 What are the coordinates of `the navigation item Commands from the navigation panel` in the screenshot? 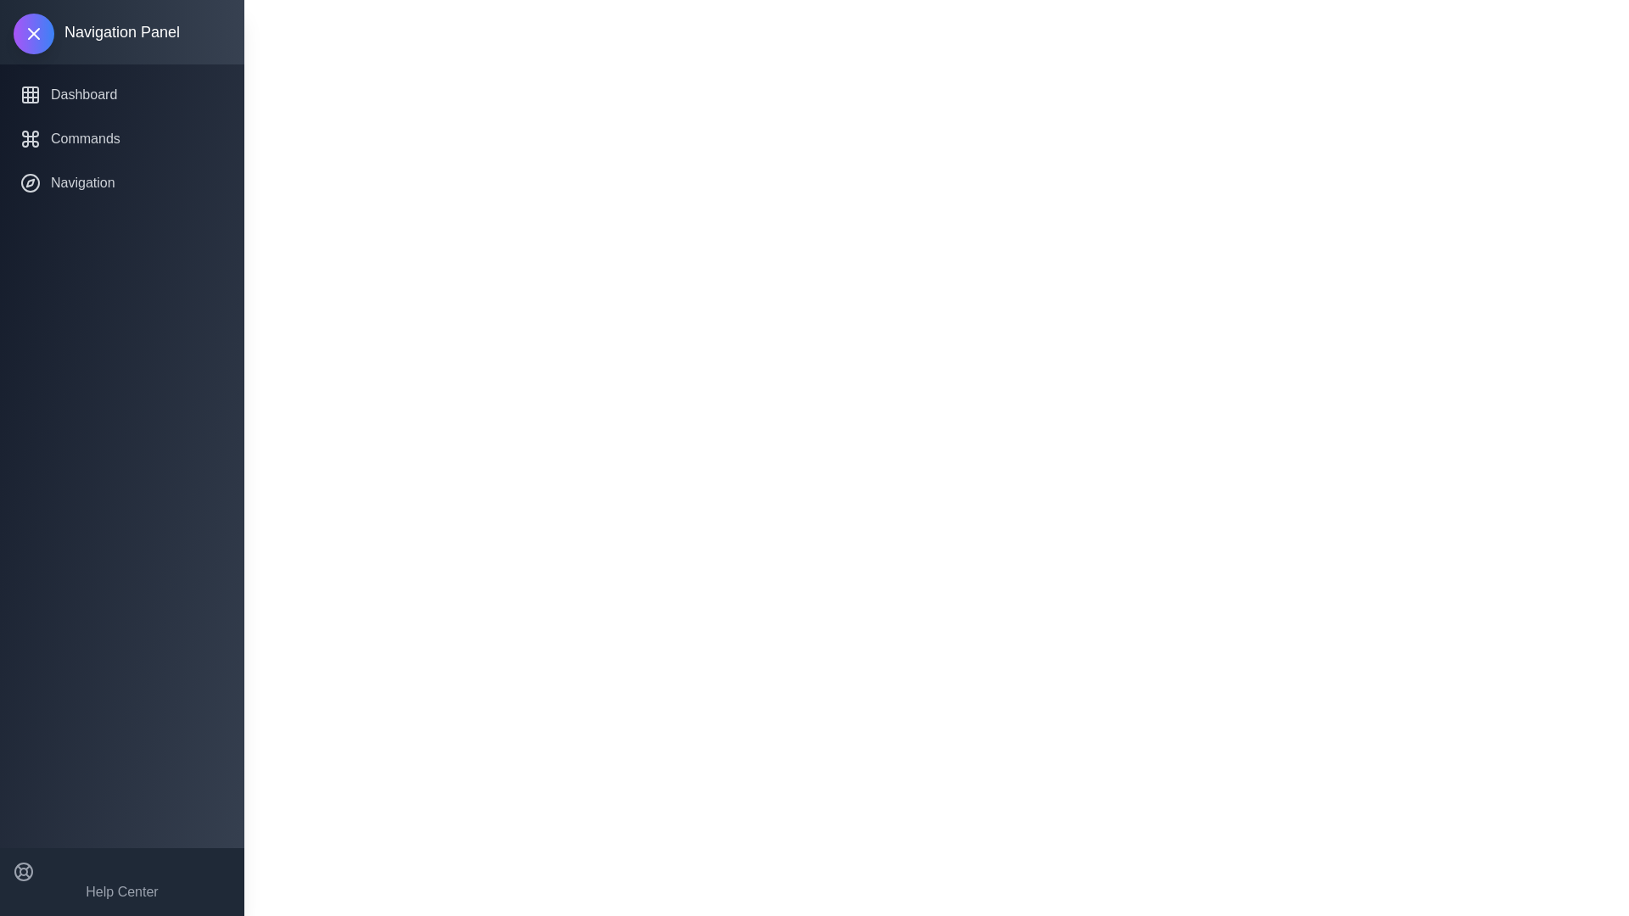 It's located at (121, 138).